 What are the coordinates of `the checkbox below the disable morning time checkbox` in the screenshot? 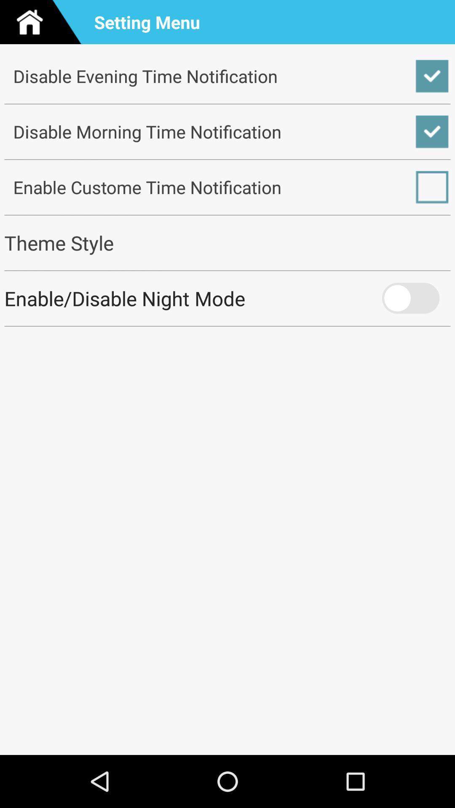 It's located at (227, 187).